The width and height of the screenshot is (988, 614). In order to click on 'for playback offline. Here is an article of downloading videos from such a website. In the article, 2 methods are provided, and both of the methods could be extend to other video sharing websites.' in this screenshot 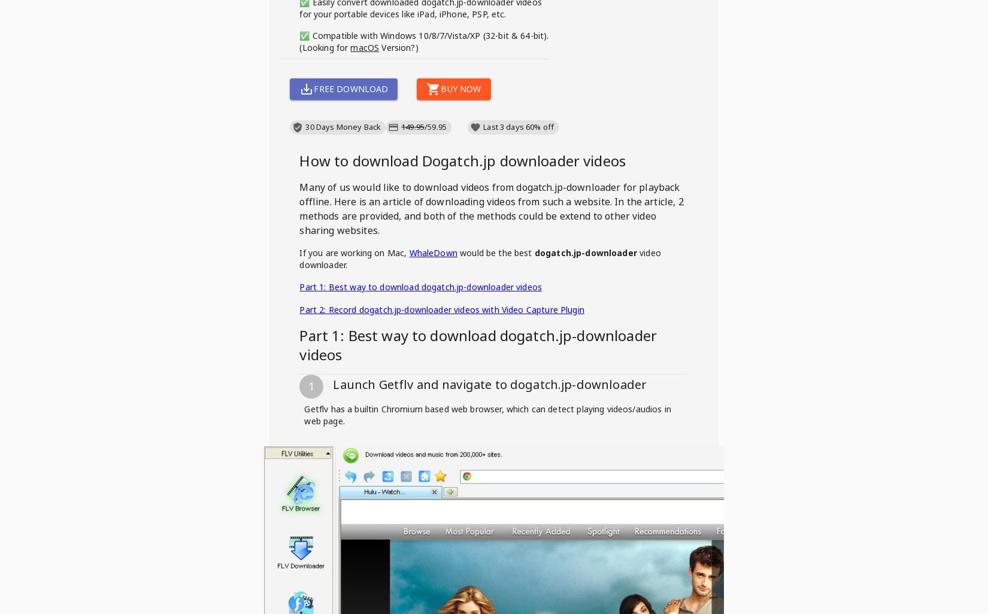, I will do `click(490, 209)`.